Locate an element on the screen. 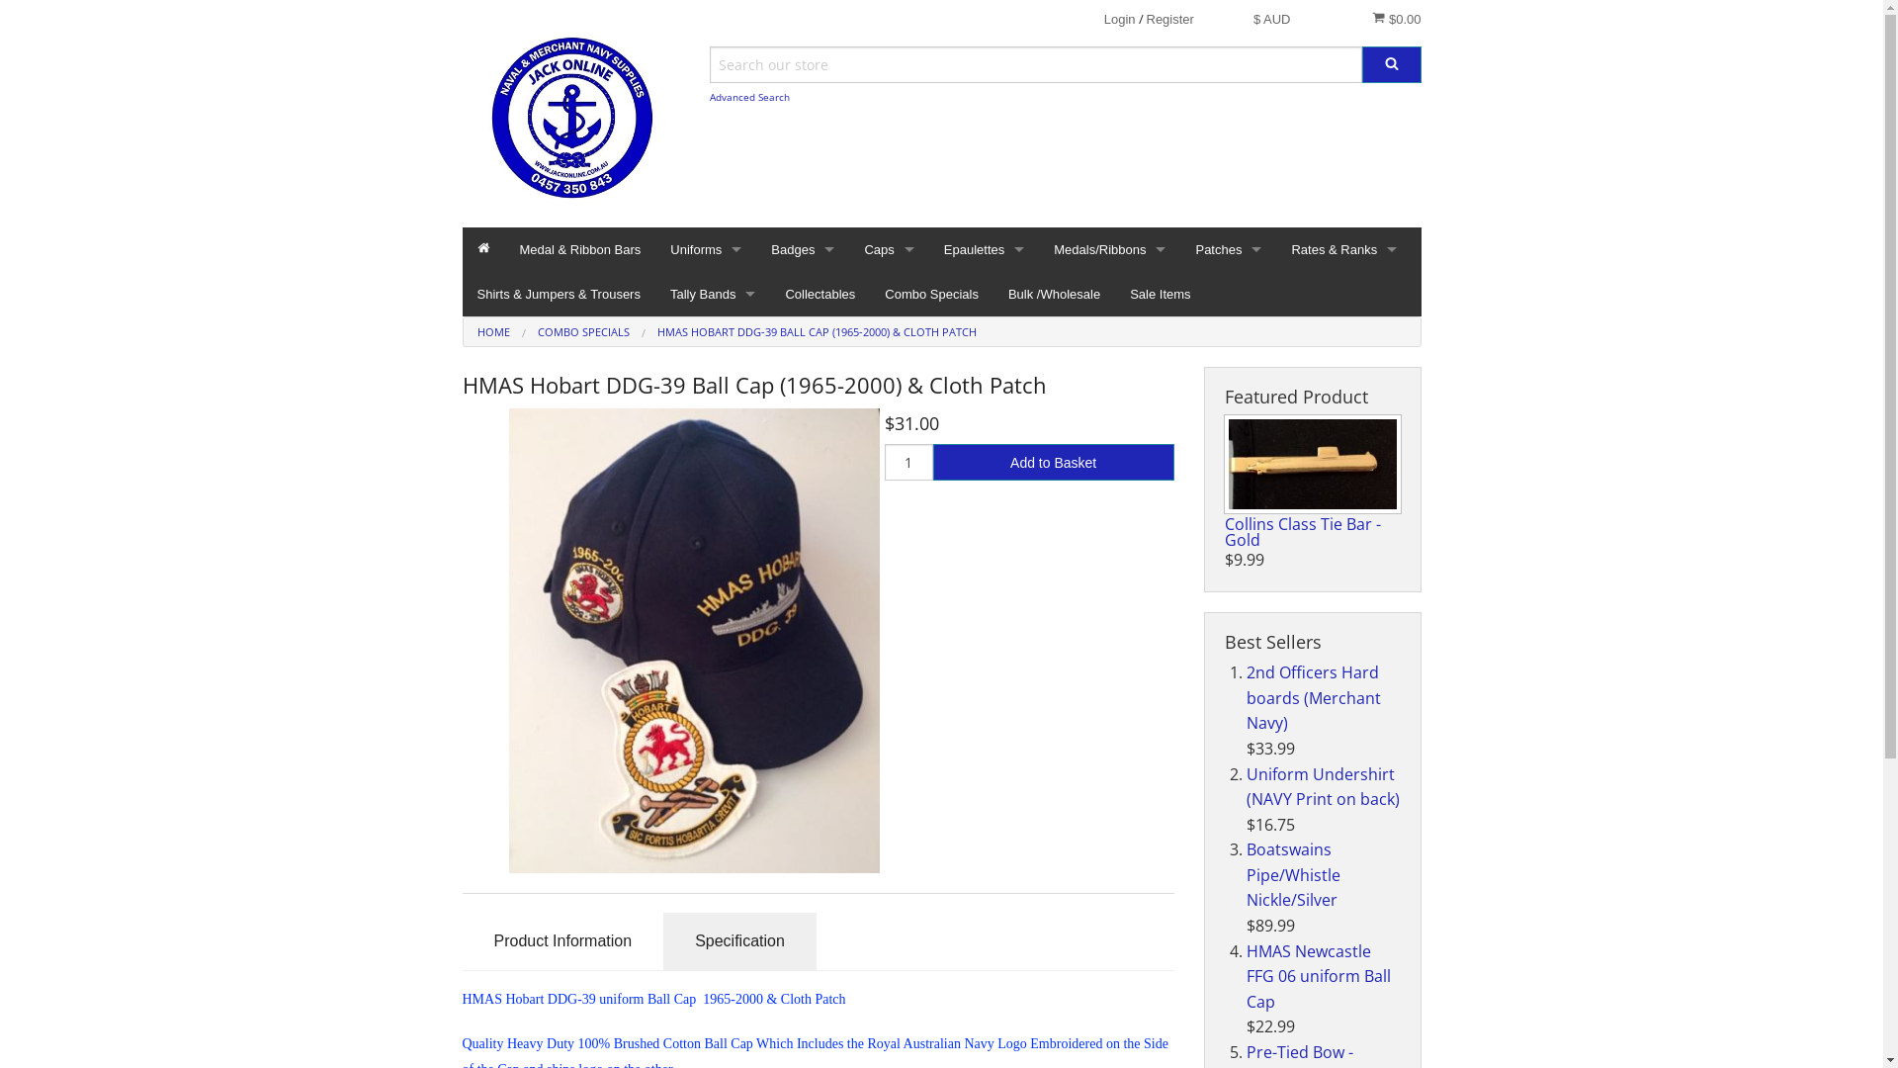 The height and width of the screenshot is (1068, 1898). 'ID Holders' is located at coordinates (706, 495).